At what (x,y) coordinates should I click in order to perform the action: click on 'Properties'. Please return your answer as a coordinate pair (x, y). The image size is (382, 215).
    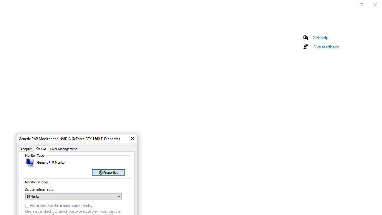
    Looking at the image, I should click on (108, 172).